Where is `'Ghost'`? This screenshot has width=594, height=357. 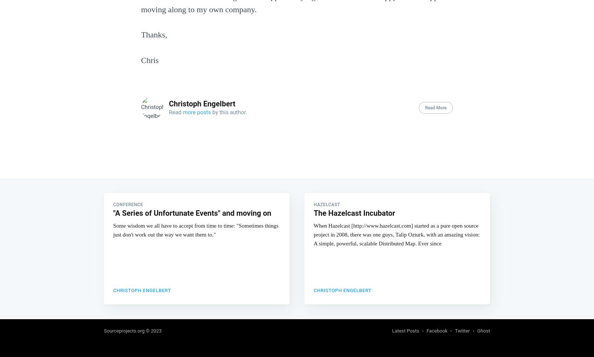
'Ghost' is located at coordinates (483, 330).